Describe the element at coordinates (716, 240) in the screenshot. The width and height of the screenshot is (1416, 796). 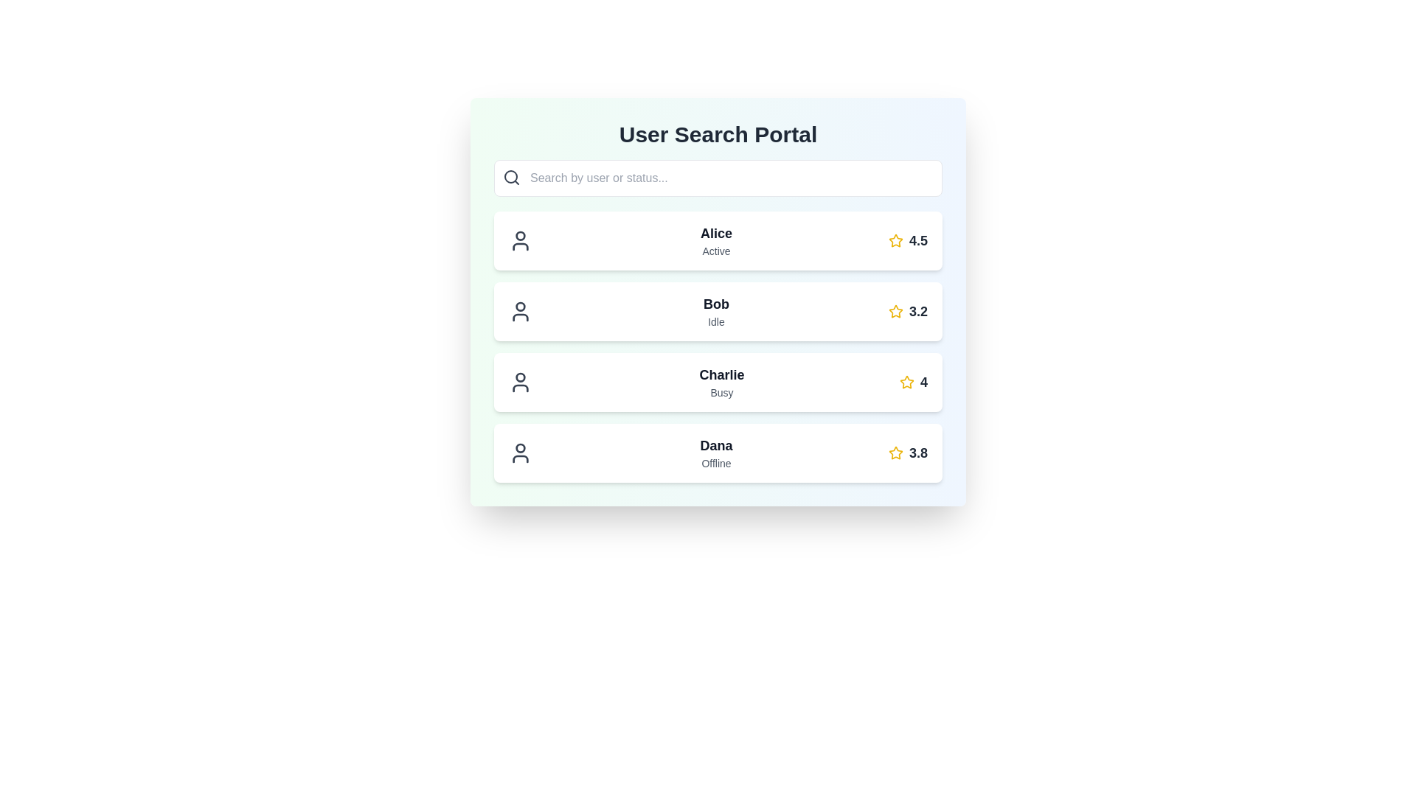
I see `the Text display (name and status) in the user search portal, which is located in the first row of the user list, right after the user icon and before the star rating and score` at that location.